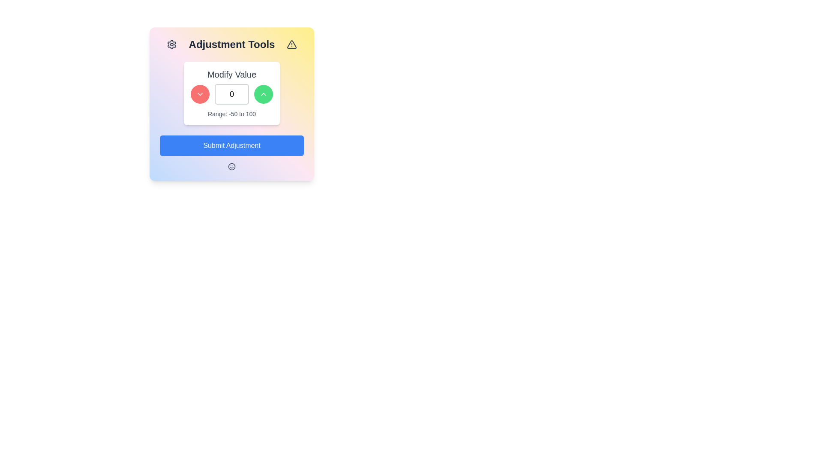 This screenshot has width=823, height=463. I want to click on the chevron-up icon located inside the green circular button, so click(263, 94).